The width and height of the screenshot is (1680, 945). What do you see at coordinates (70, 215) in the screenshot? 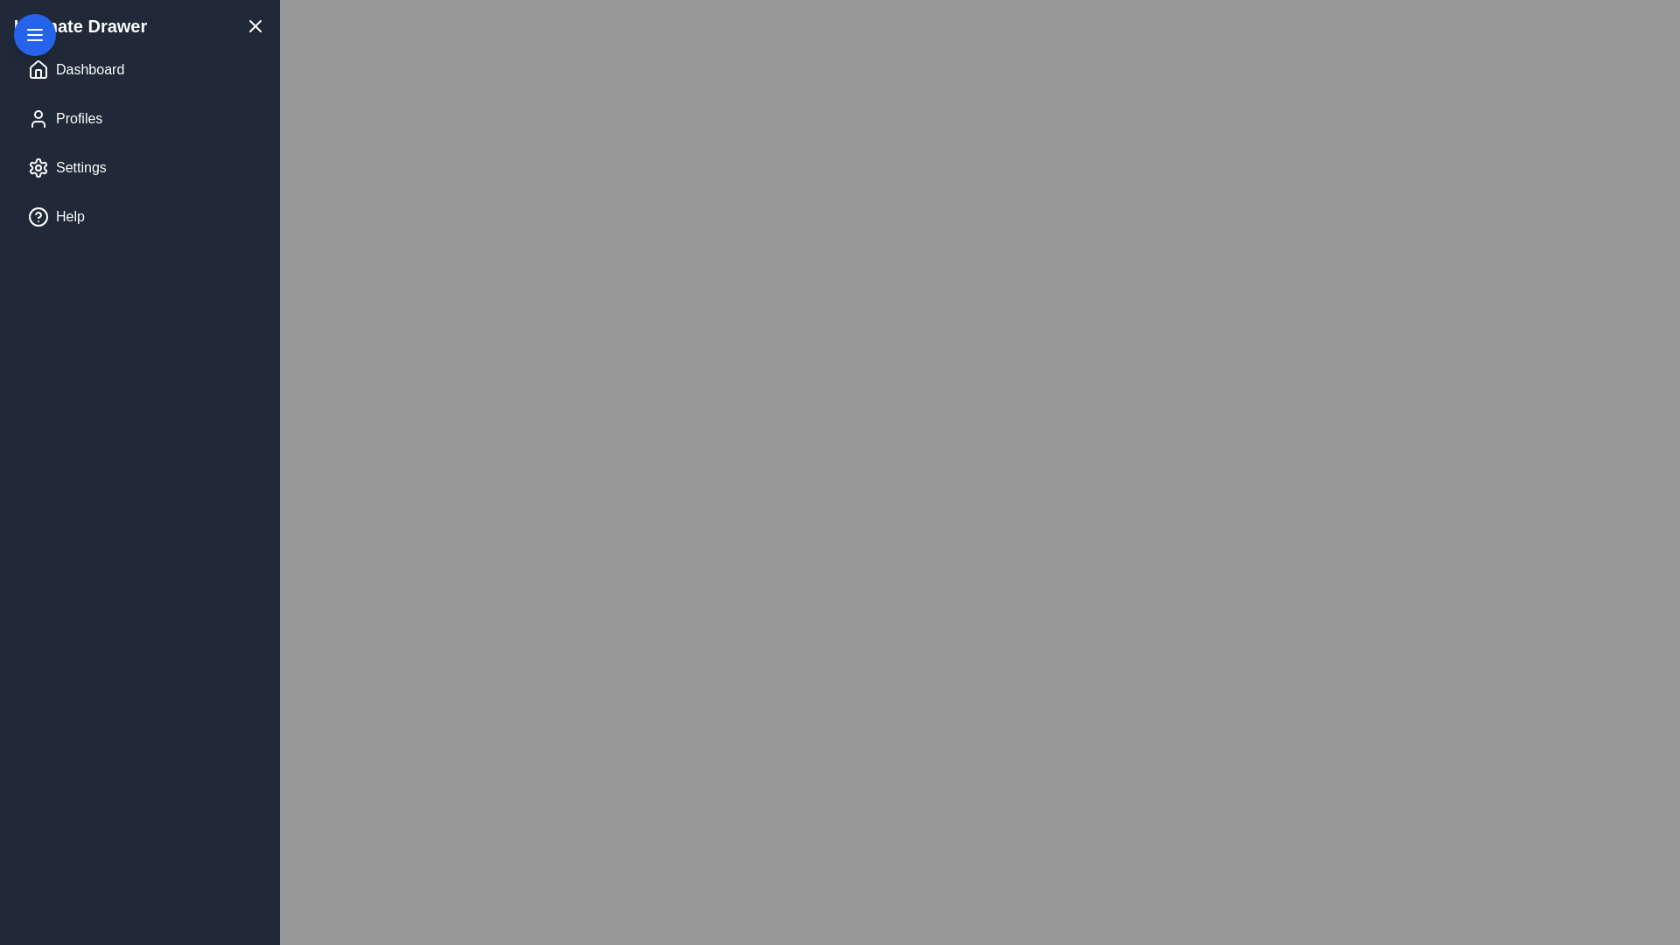
I see `the Text Label located to the right of the question mark icon in the fourth menu item under 'Ultimate Drawer' on the left sidebar` at bounding box center [70, 215].